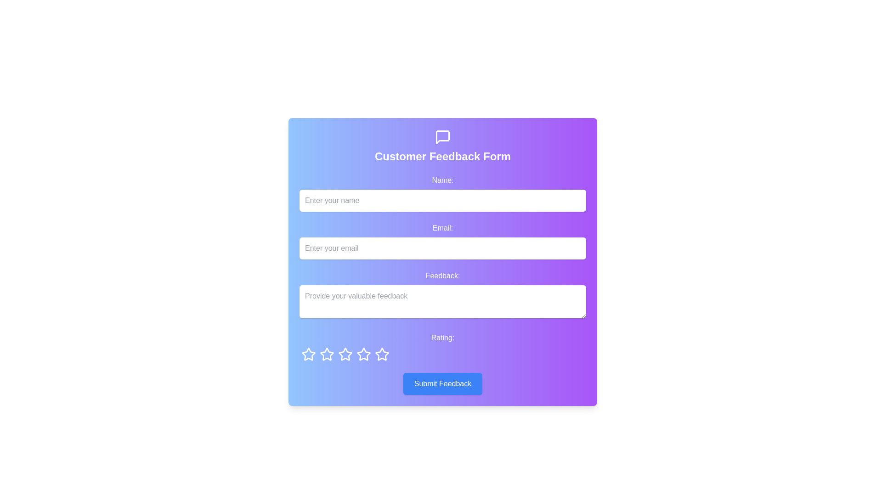  Describe the element at coordinates (382, 354) in the screenshot. I see `the fourth star in the rating system` at that location.